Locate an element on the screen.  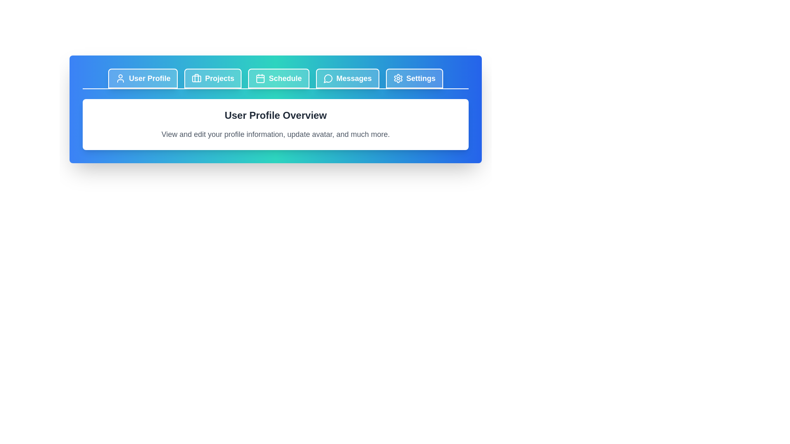
the left vertical line segment of the briefcase icon graphic in the second tab labeled 'Projects' in the top menu bar is located at coordinates (196, 78).